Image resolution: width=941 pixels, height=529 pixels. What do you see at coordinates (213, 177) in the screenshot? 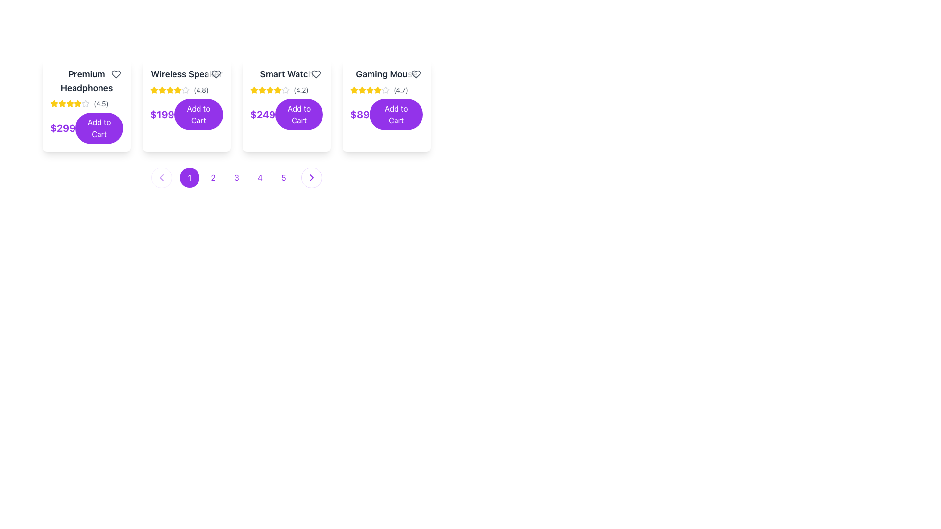
I see `the circular button with a purple border and white background, containing the numeral '2' in purple text, which is the second button in a horizontal sequence of five buttons` at bounding box center [213, 177].